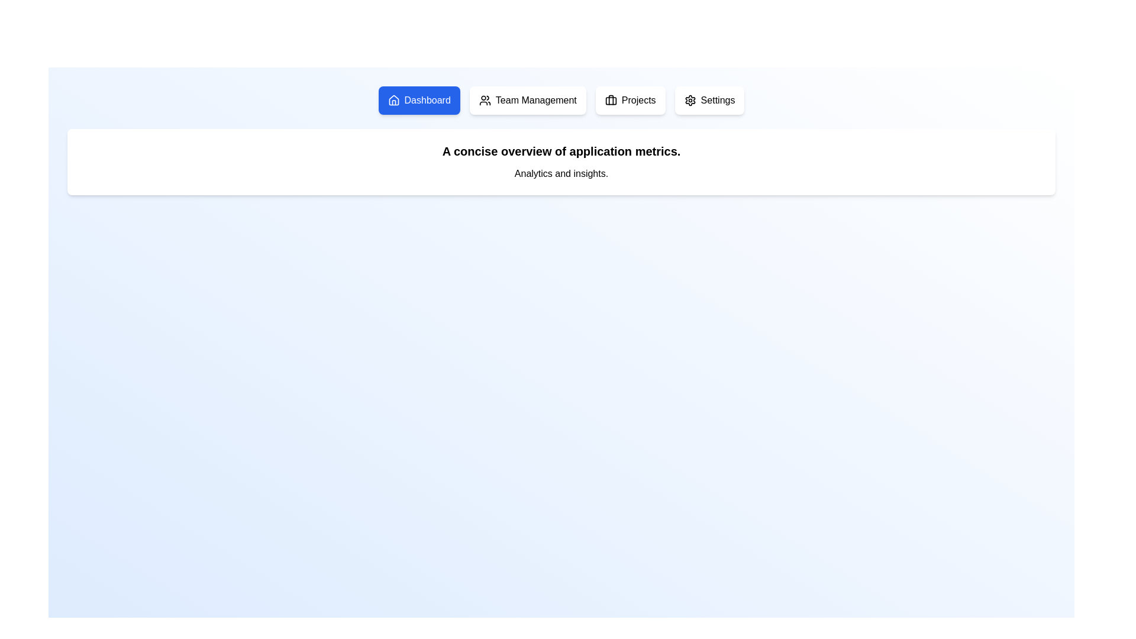  Describe the element at coordinates (709, 99) in the screenshot. I see `the fourth button in the top-center area of the interface, which navigates to the settings section of the application` at that location.